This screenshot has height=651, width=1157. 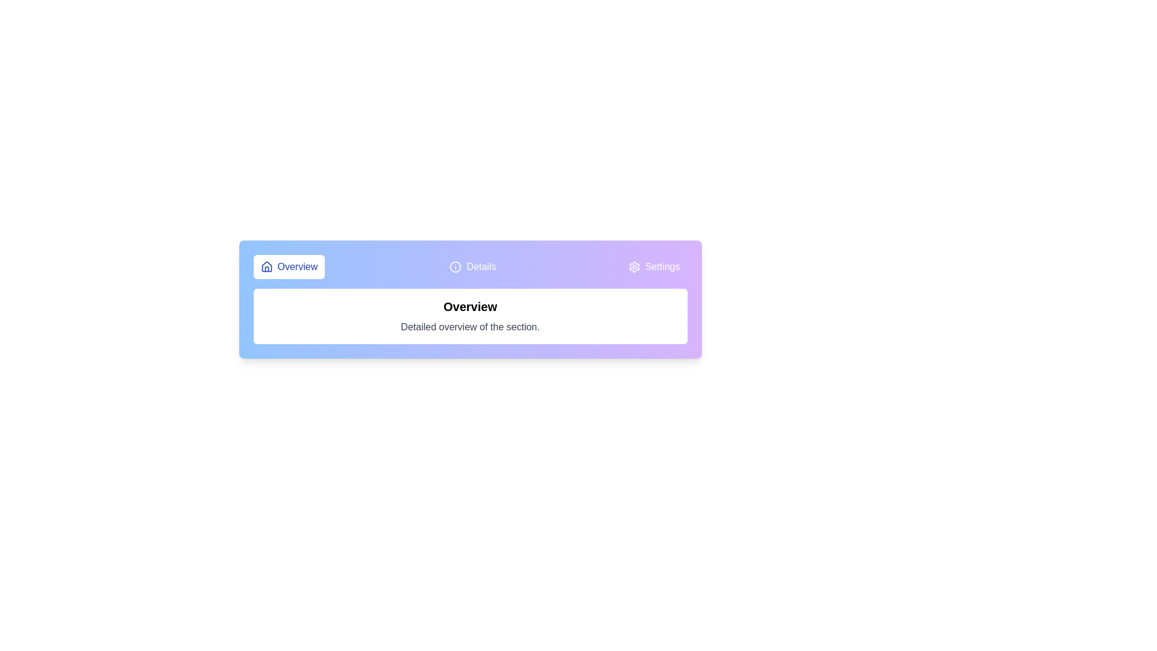 I want to click on the Information Panel with a bold header 'Overview' and a description text 'Detailed overview of the section.', so click(x=469, y=315).